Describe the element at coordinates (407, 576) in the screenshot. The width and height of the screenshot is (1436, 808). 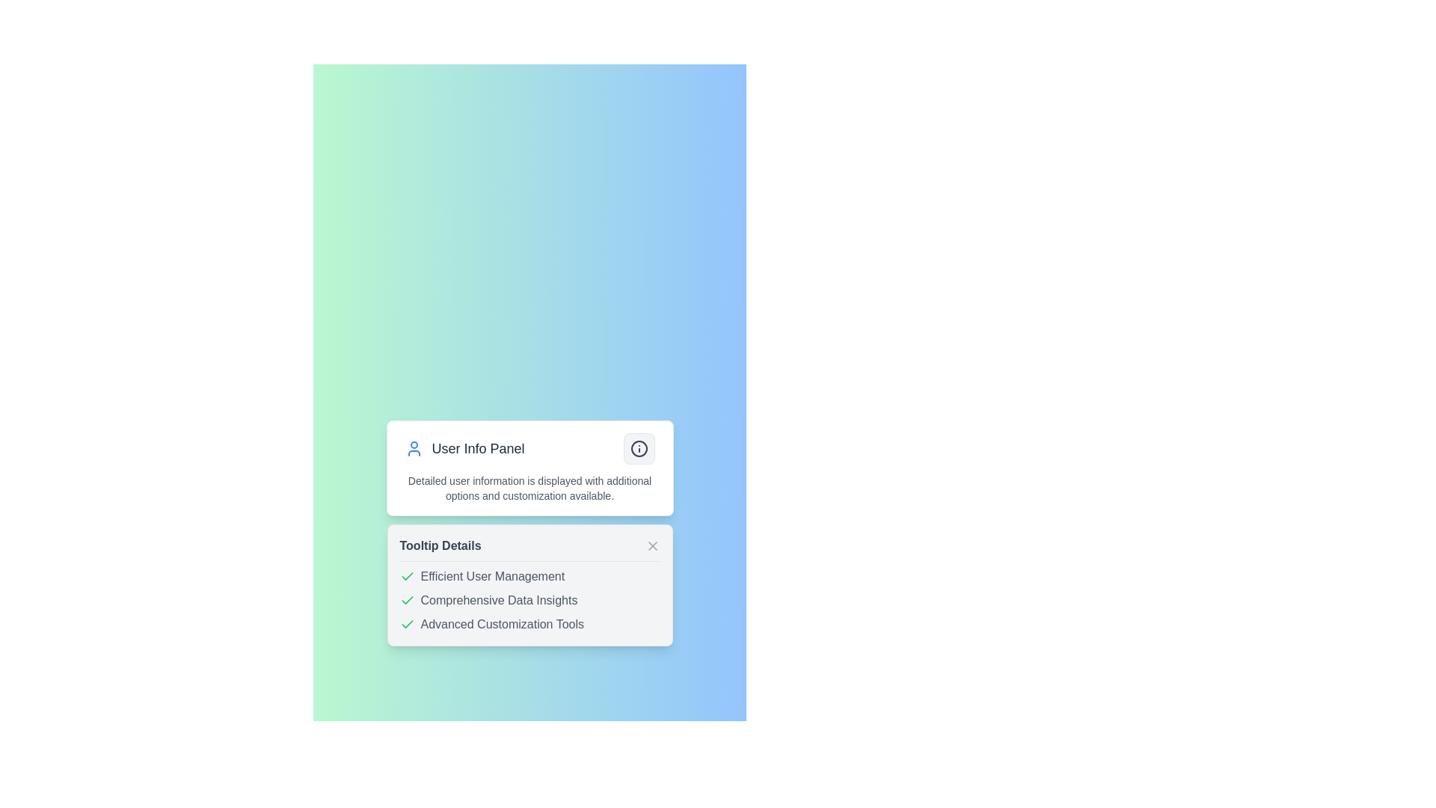
I see `the checkmark icon indicating successful selection of 'Efficient User Management'` at that location.